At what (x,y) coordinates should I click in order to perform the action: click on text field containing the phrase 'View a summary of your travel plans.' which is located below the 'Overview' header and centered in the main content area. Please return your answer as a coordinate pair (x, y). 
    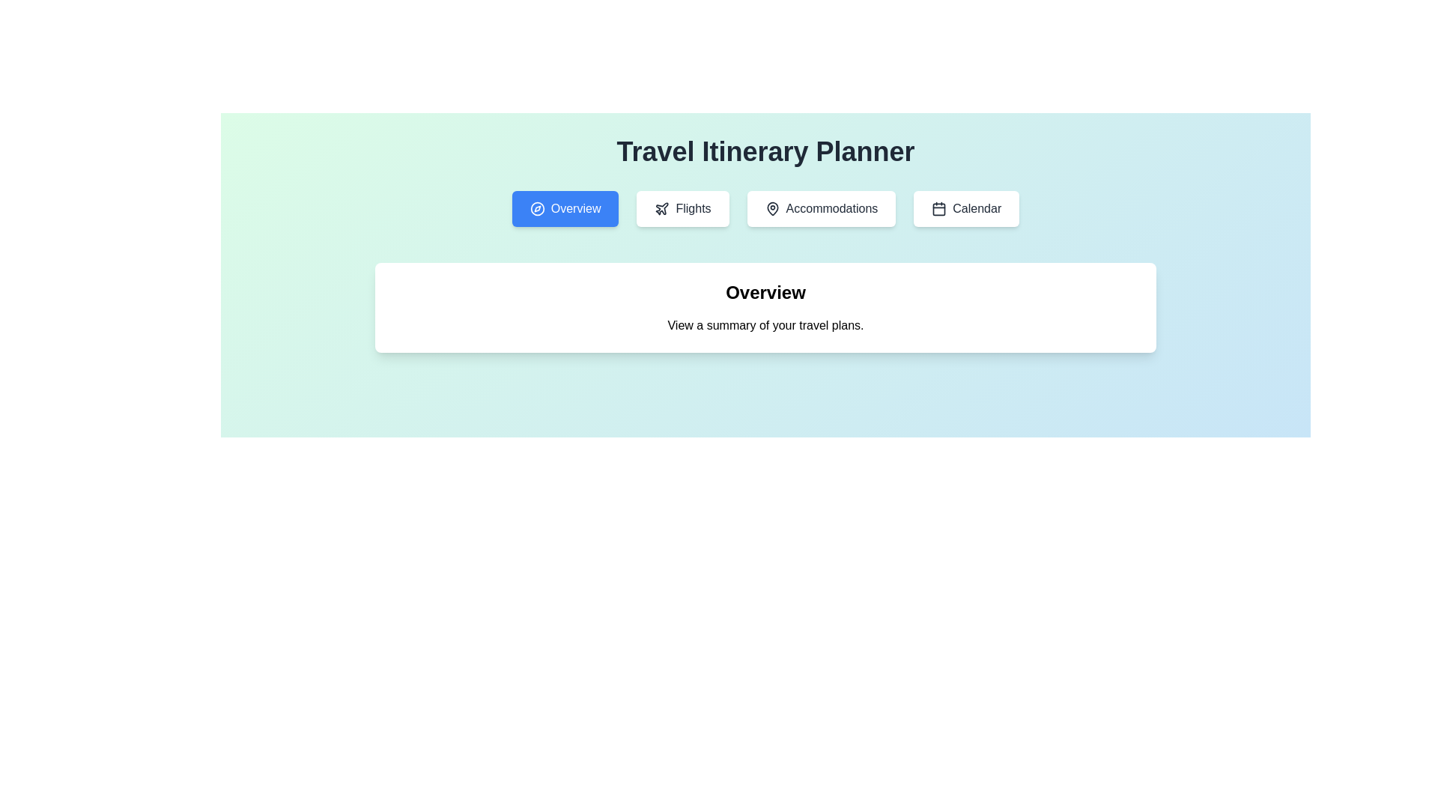
    Looking at the image, I should click on (765, 325).